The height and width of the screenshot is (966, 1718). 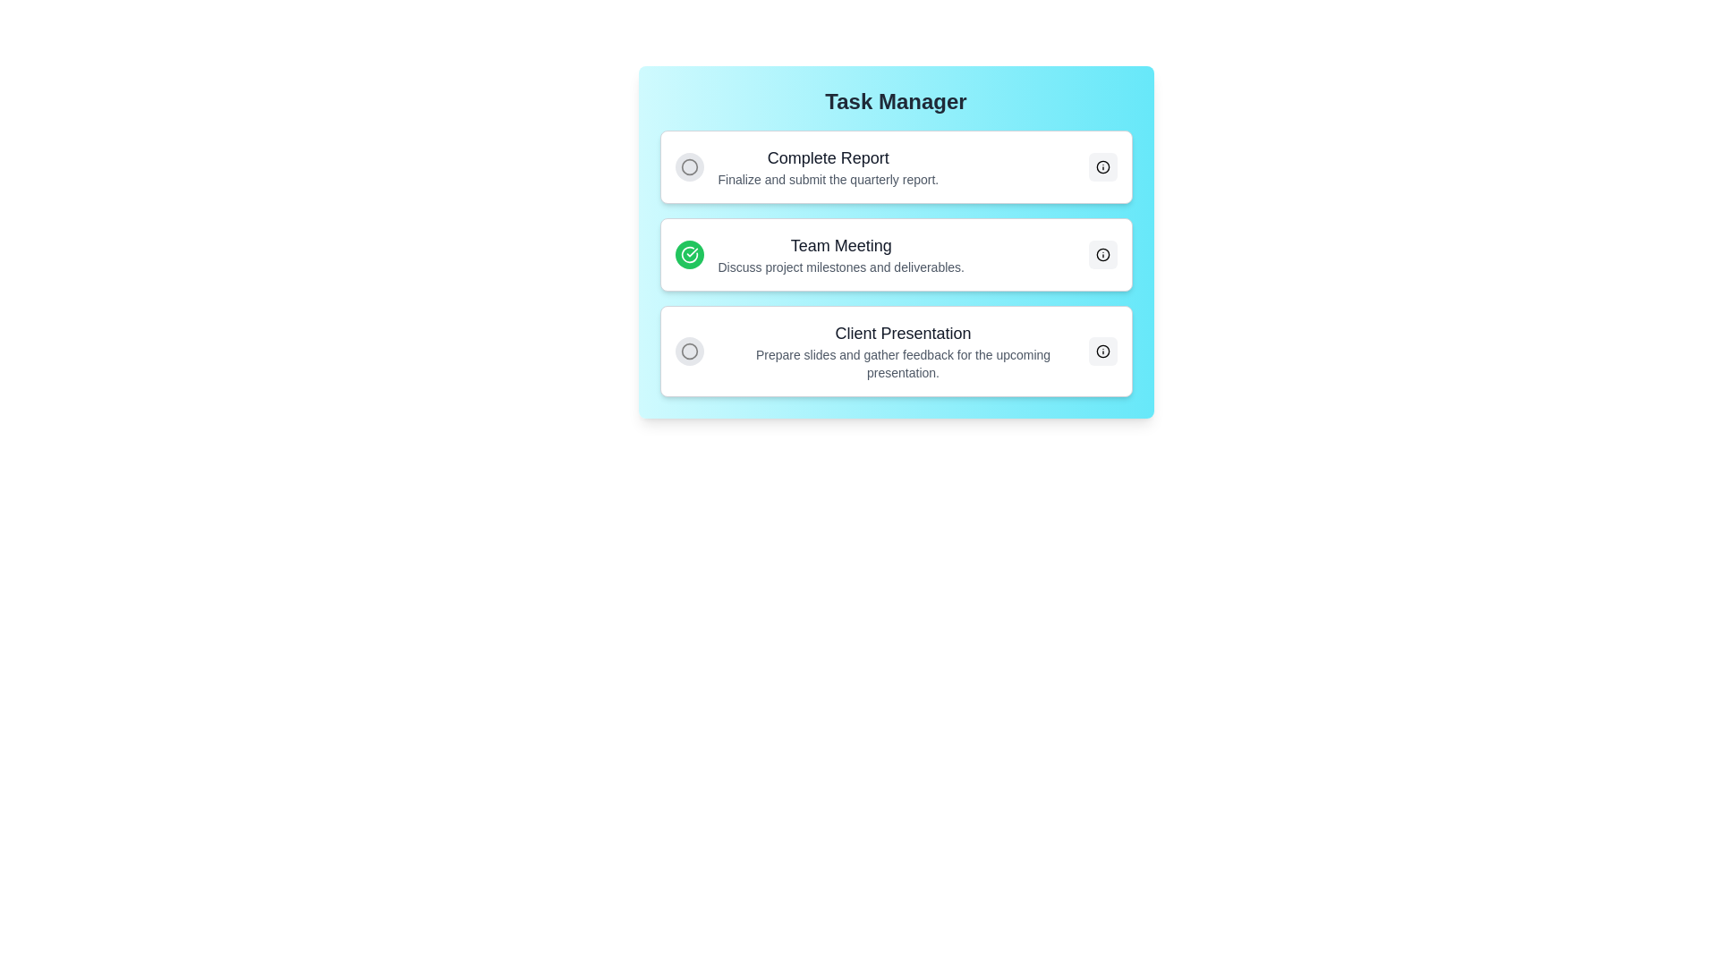 I want to click on the third task entry, so click(x=881, y=352).